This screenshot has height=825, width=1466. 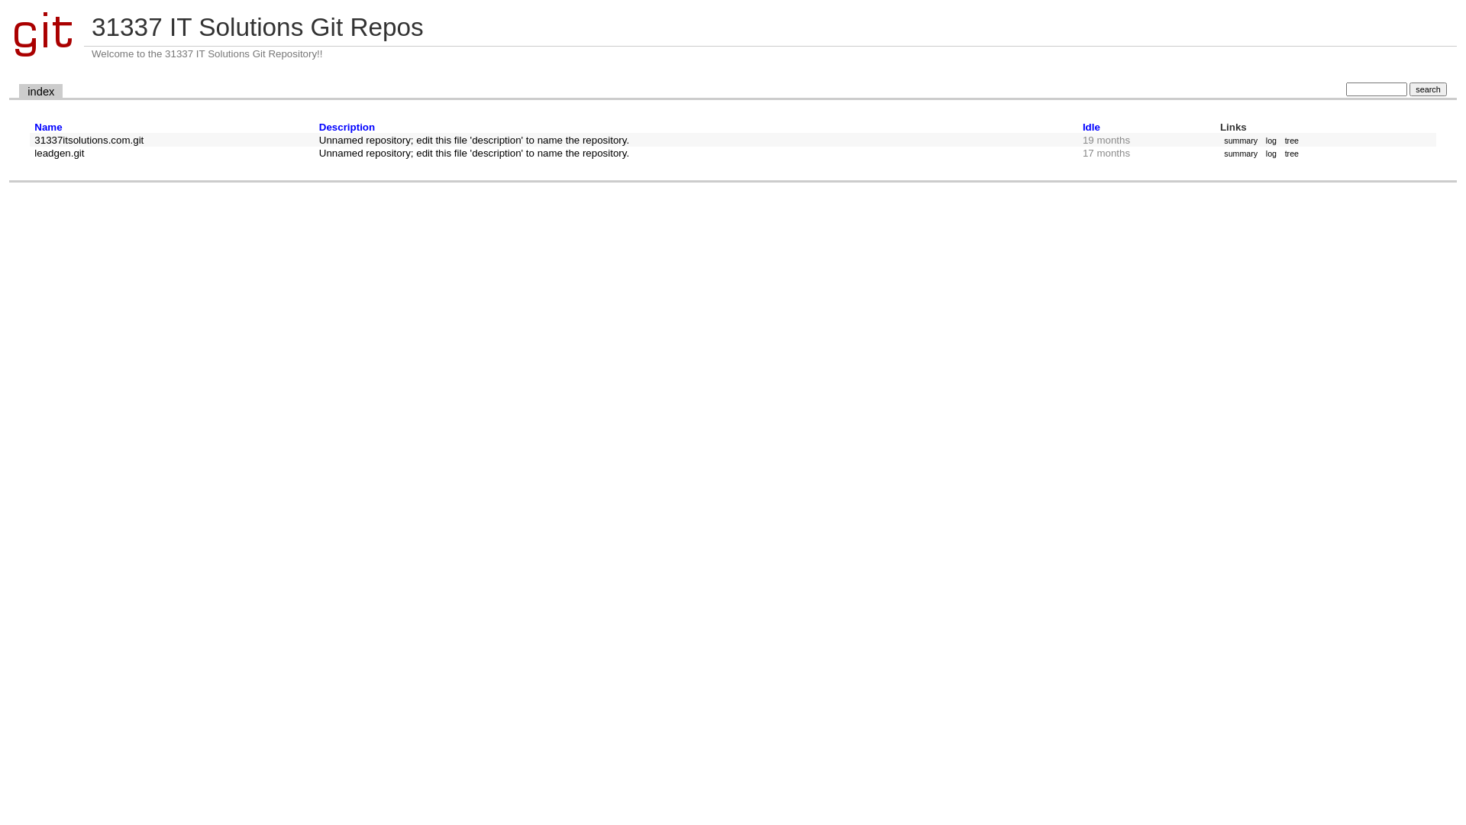 I want to click on 'Name', so click(x=47, y=126).